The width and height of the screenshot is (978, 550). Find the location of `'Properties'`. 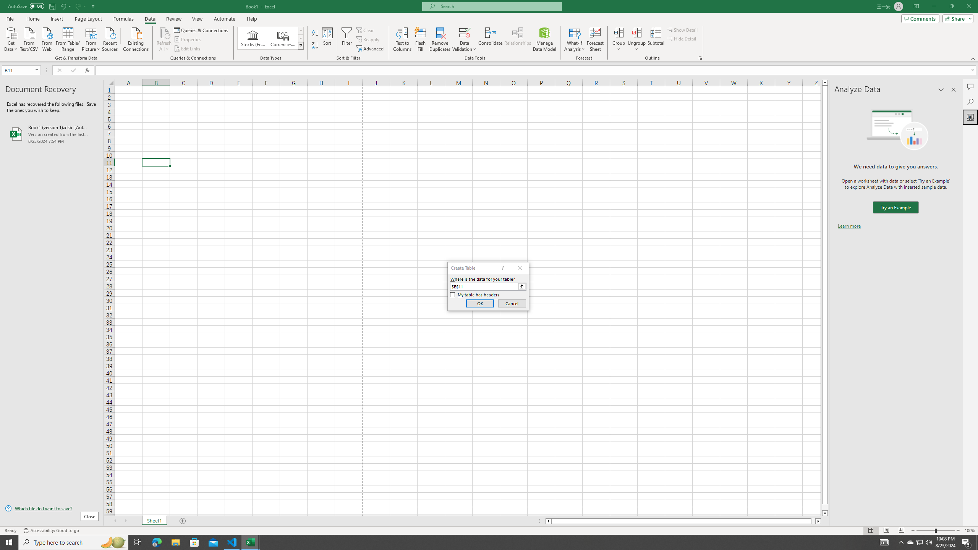

'Properties' is located at coordinates (188, 39).